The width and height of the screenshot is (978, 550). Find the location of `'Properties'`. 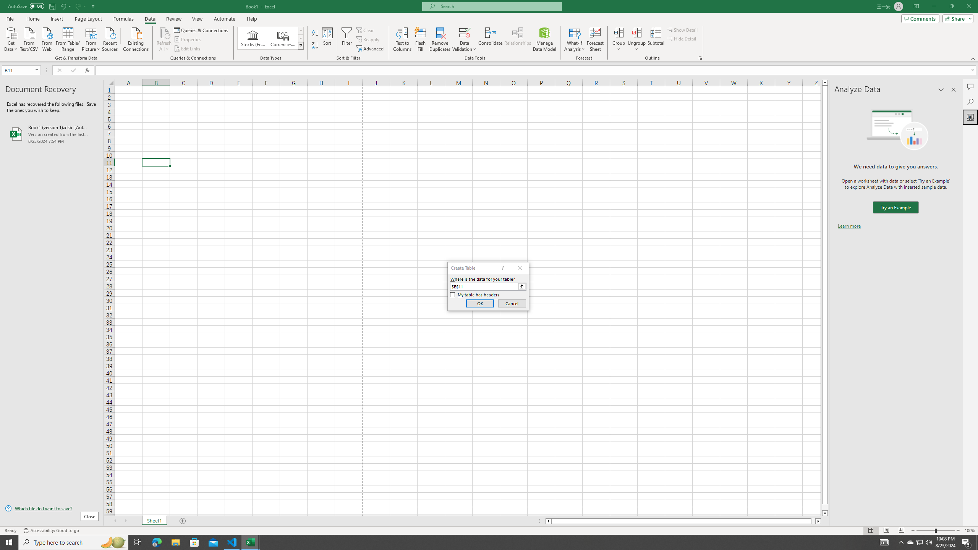

'Properties' is located at coordinates (188, 39).